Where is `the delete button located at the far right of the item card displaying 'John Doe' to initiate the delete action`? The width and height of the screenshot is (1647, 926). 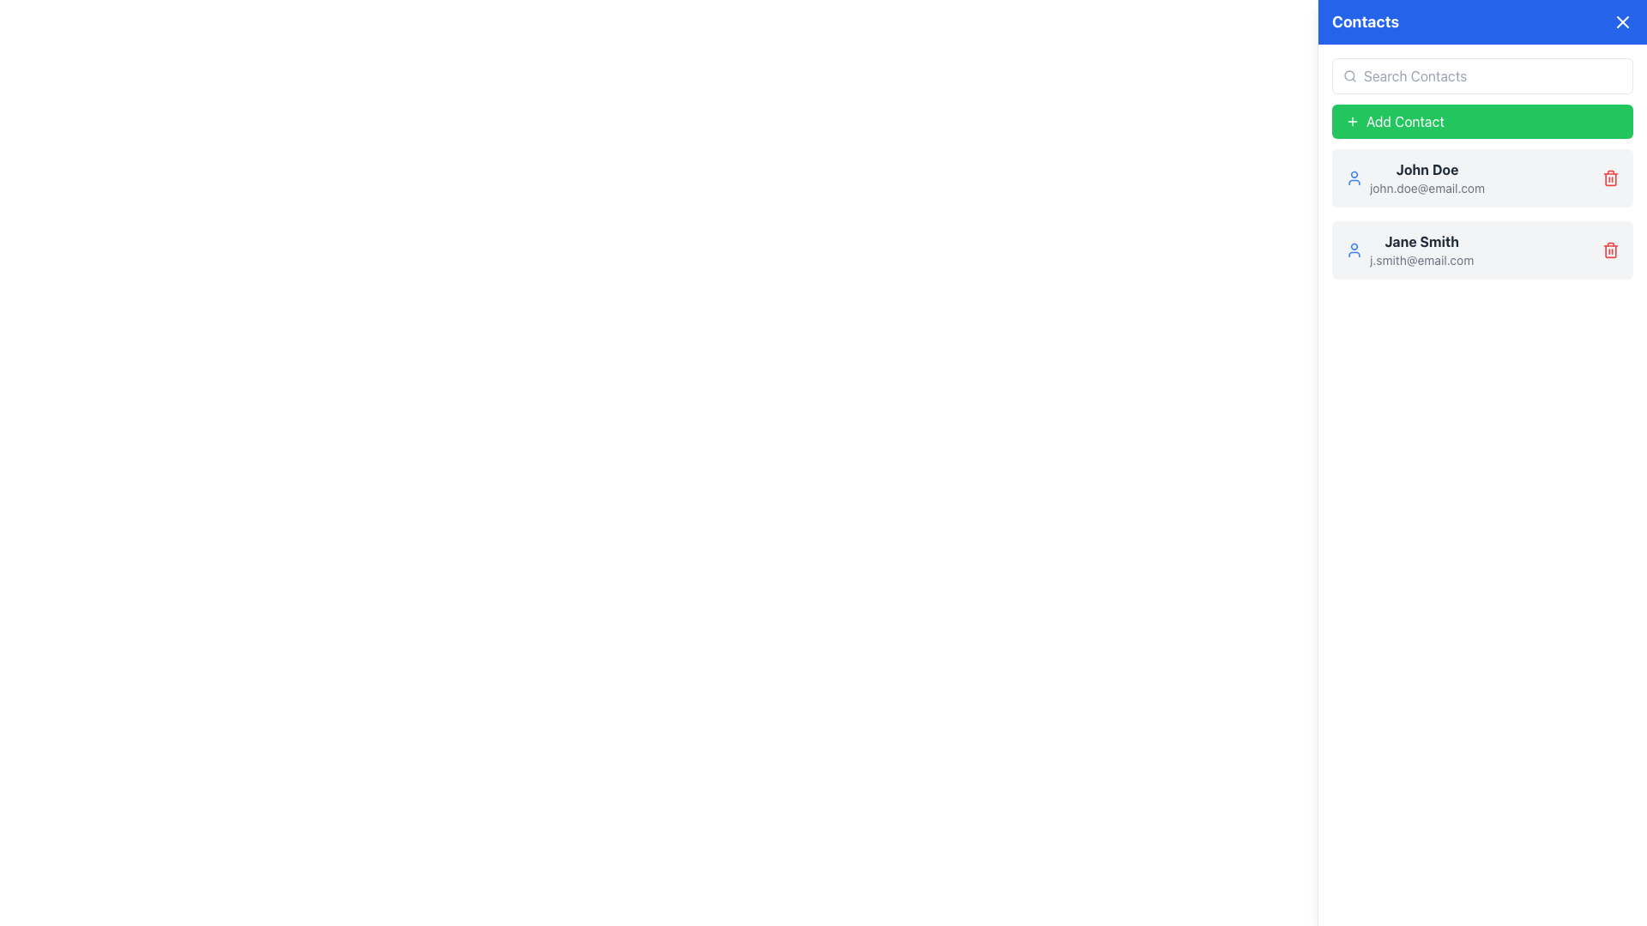
the delete button located at the far right of the item card displaying 'John Doe' to initiate the delete action is located at coordinates (1609, 178).